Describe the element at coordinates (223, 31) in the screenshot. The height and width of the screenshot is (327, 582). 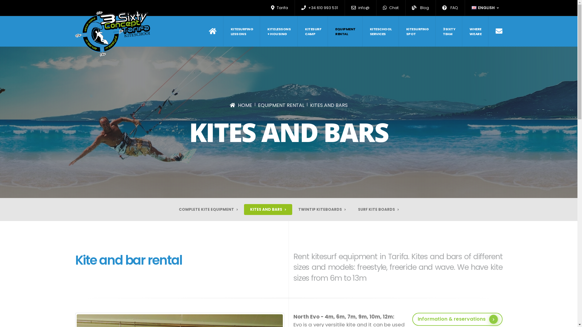
I see `'KITESURFING LESSONS'` at that location.